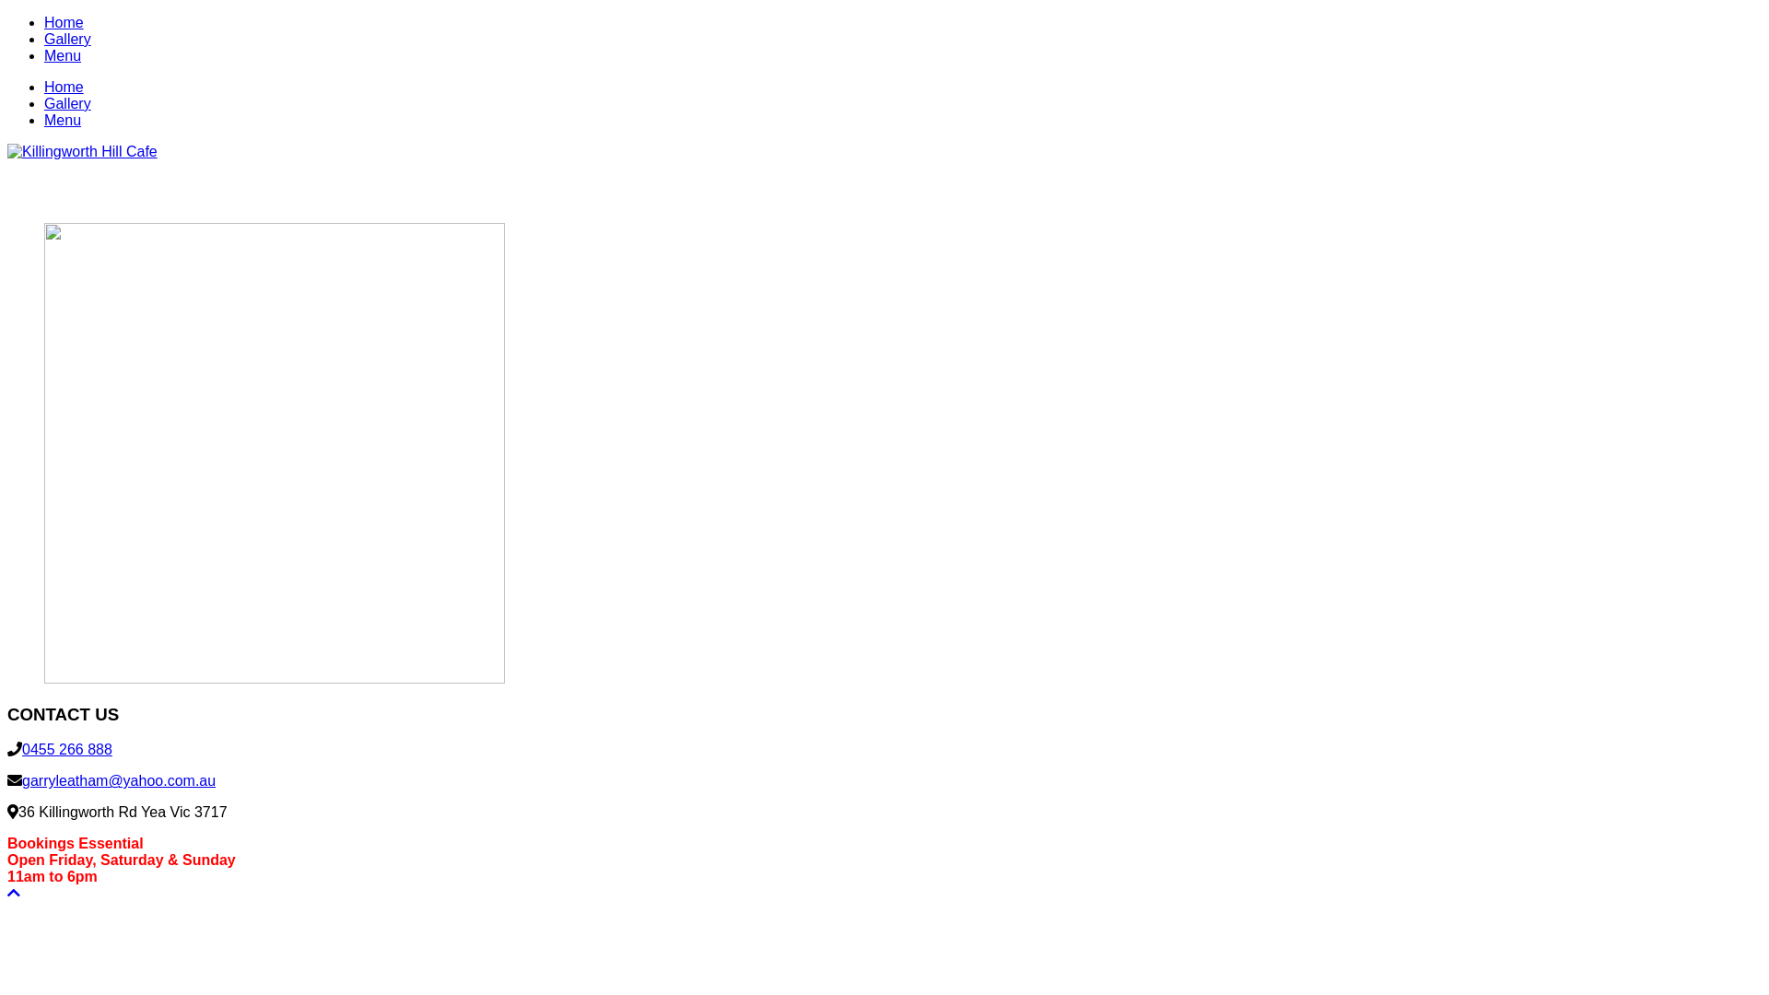 This screenshot has width=1769, height=995. Describe the element at coordinates (64, 87) in the screenshot. I see `'Home'` at that location.